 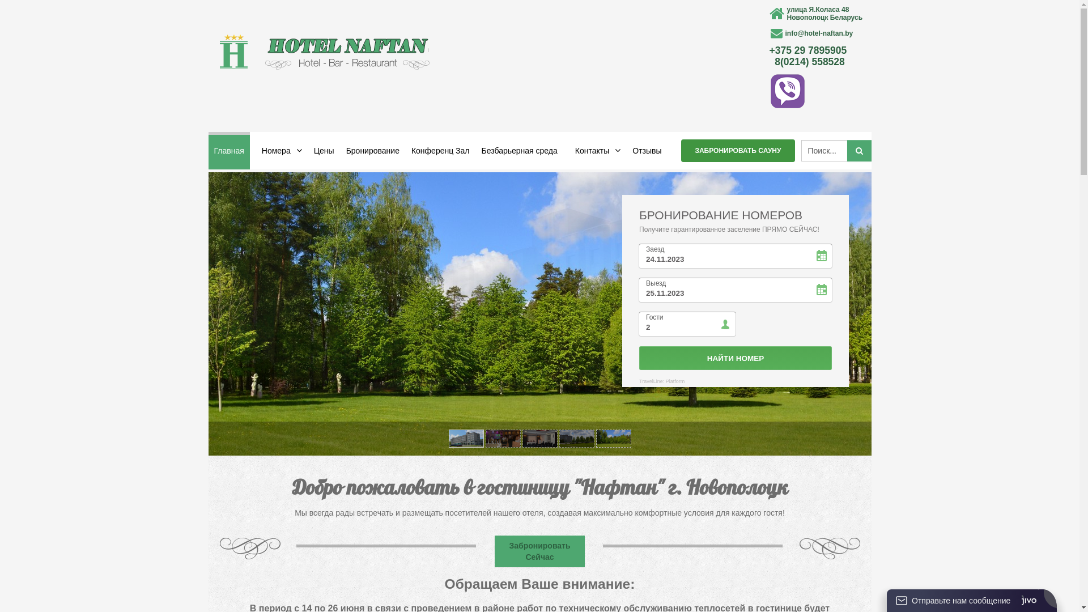 What do you see at coordinates (770, 49) in the screenshot?
I see `'+375 29 7895905'` at bounding box center [770, 49].